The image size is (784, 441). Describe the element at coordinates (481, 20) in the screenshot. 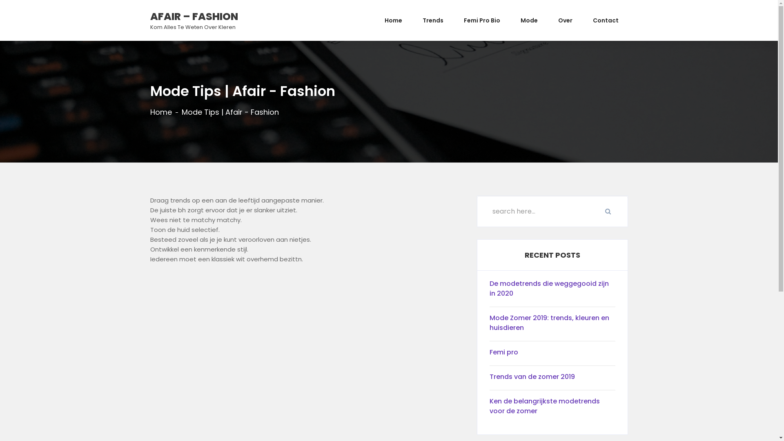

I see `'Femi Pro Bio'` at that location.